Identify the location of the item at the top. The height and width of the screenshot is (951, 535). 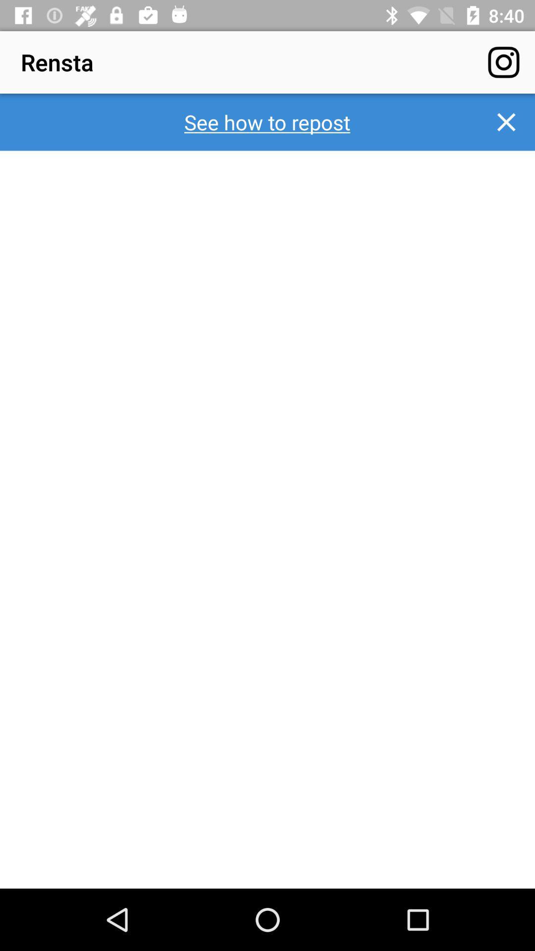
(267, 121).